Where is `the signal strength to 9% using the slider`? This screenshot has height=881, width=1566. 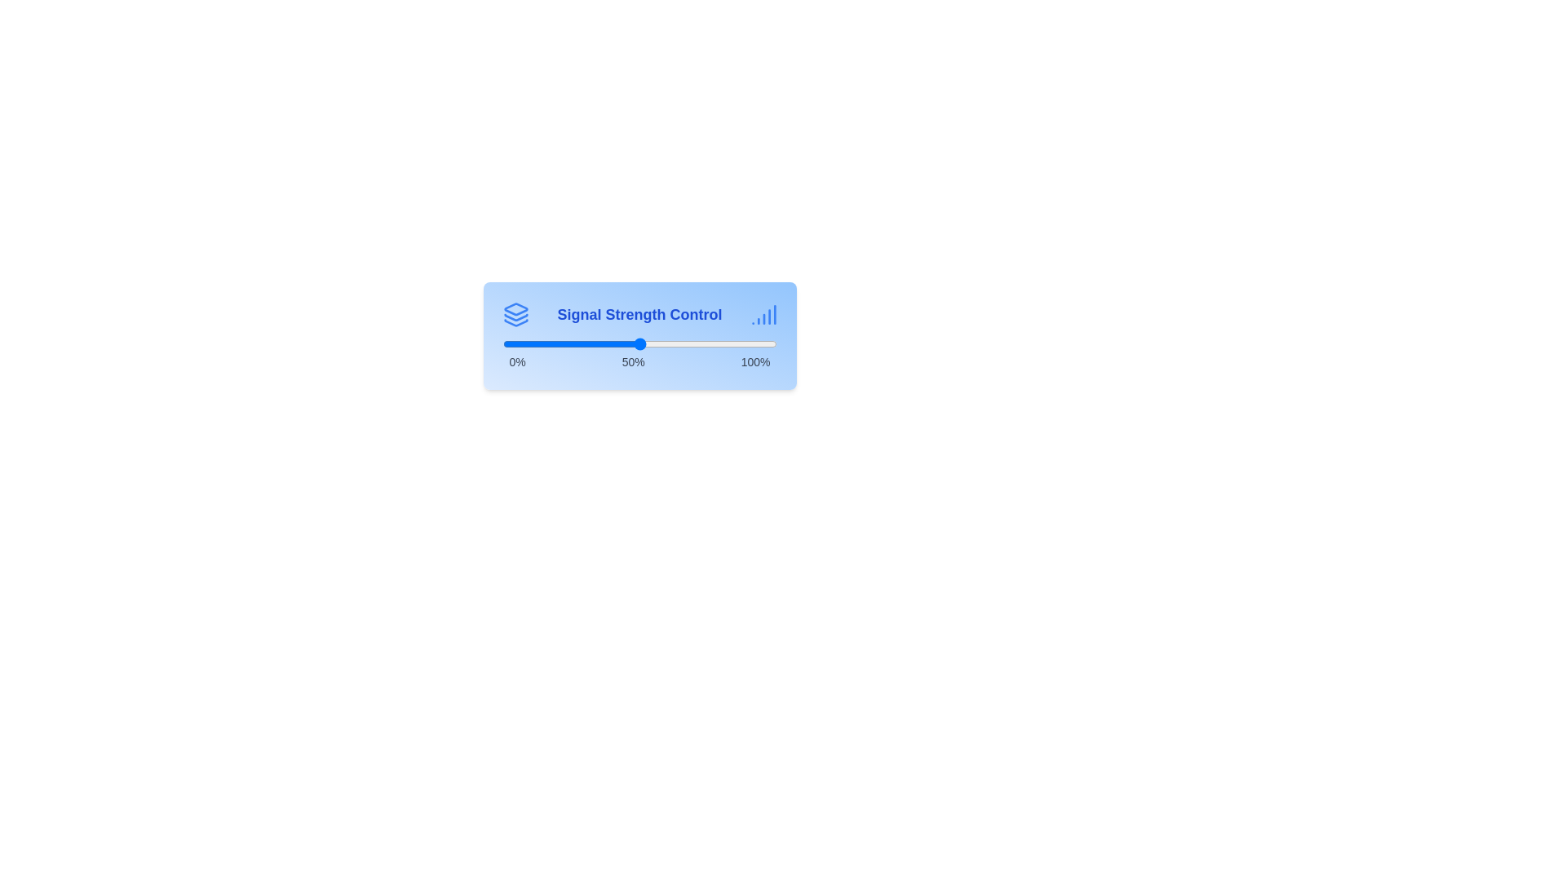
the signal strength to 9% using the slider is located at coordinates (527, 343).